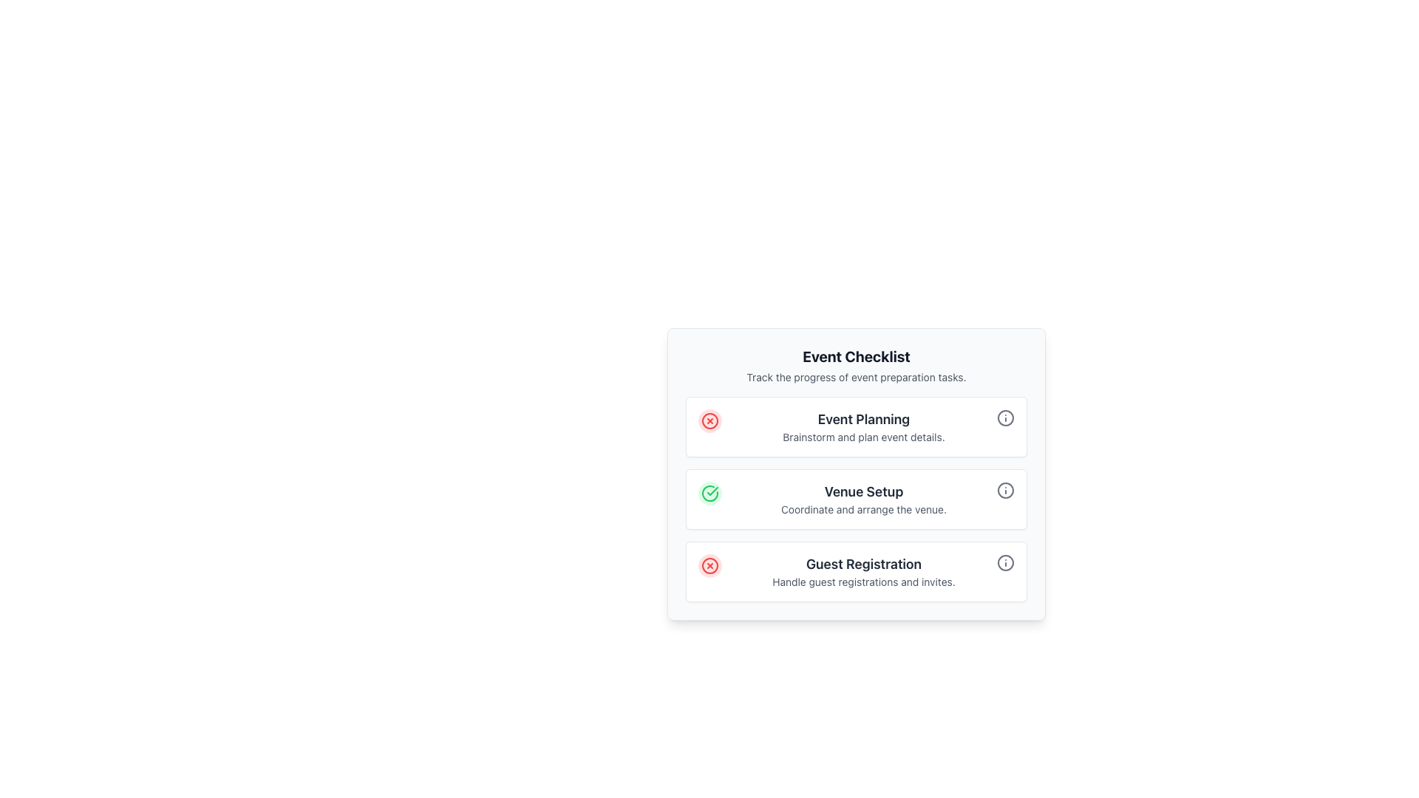 Image resolution: width=1419 pixels, height=798 pixels. Describe the element at coordinates (709, 493) in the screenshot. I see `the circular status icon with a green background and a checkmark, located to the left of the 'Venue Setup' text in the checklist, to trigger additional information or highlight` at that location.